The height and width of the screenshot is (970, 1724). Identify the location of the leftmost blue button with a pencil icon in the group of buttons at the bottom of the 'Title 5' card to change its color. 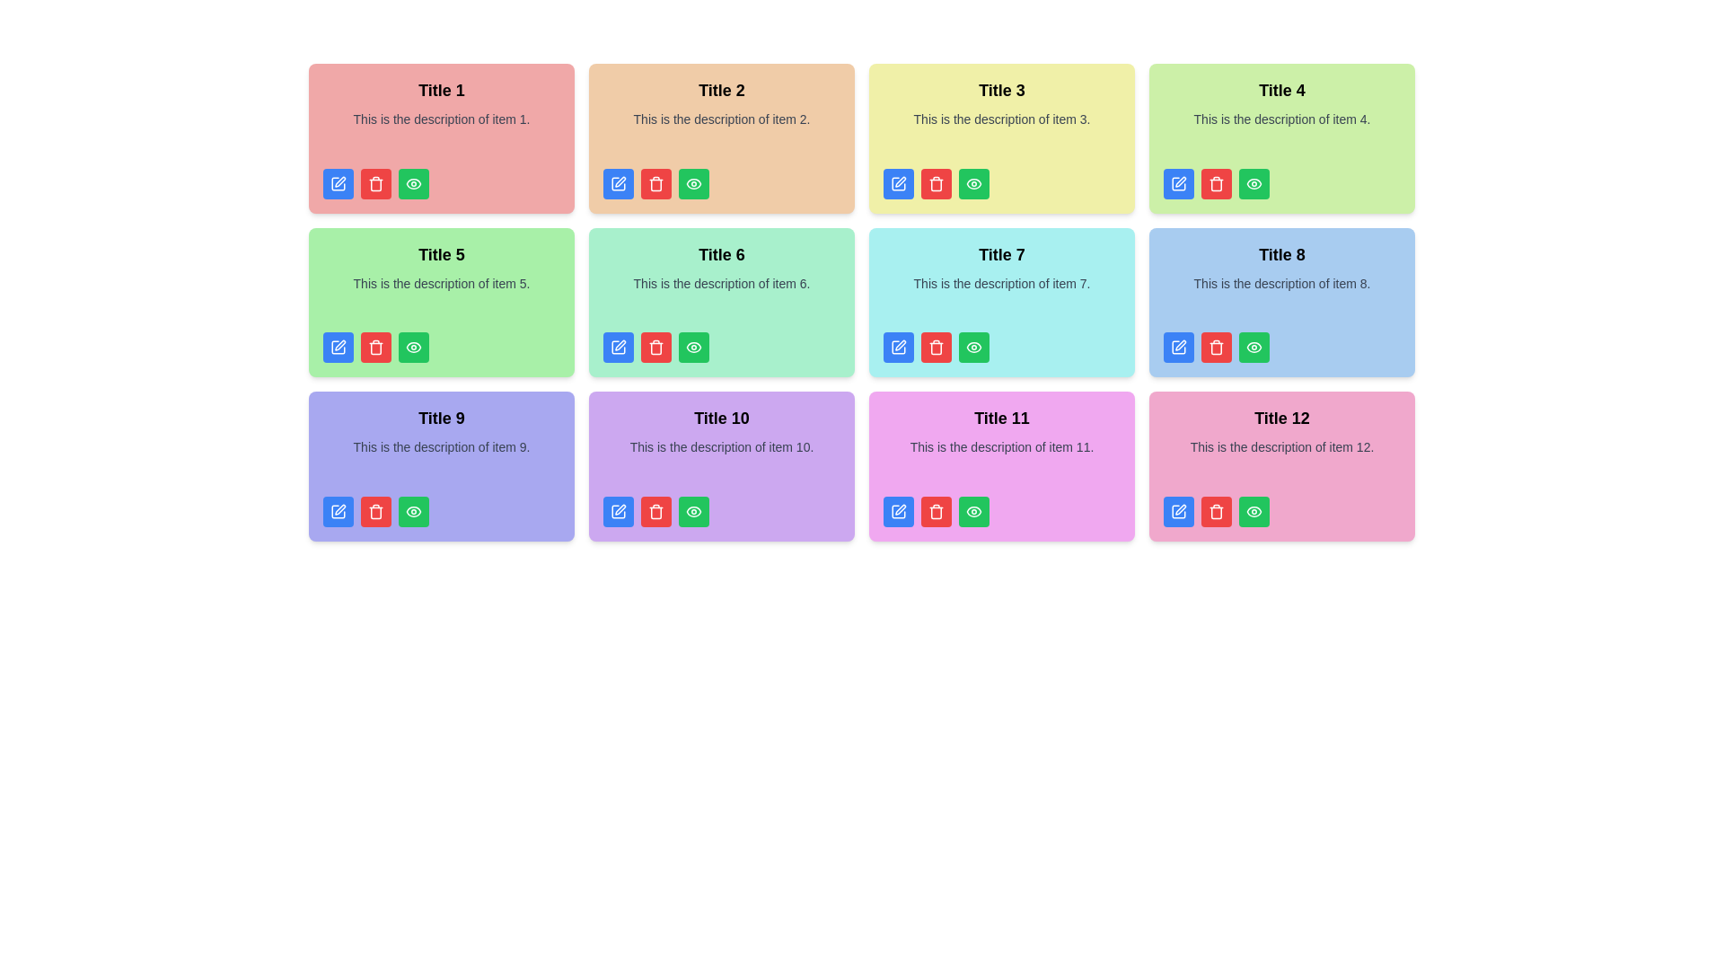
(339, 347).